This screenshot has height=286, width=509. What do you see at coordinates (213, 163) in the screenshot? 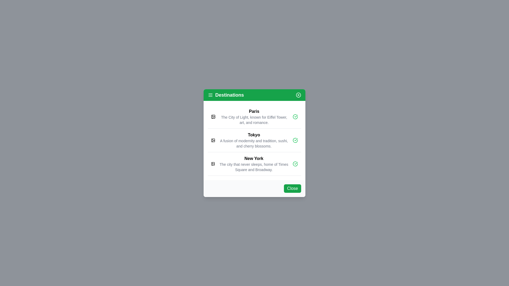
I see `the Image placeholder icon, which is the leftmost icon in the third list item labeled 'New York' in a vertical list of destinations` at bounding box center [213, 163].